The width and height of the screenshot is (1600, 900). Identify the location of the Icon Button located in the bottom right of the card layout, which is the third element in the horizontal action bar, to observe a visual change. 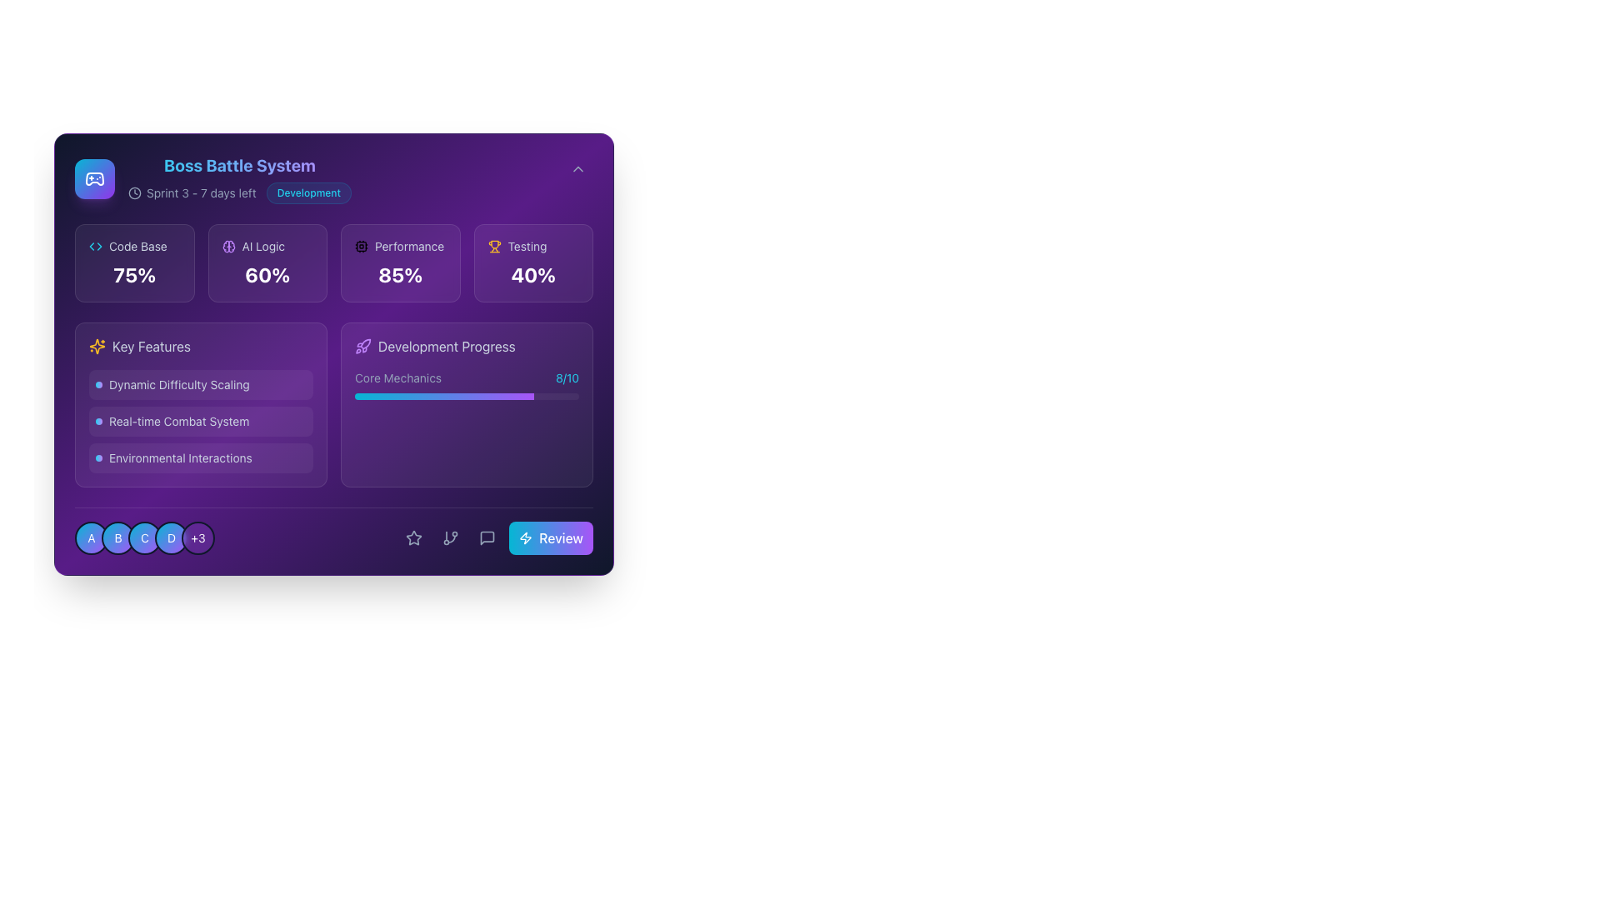
(451, 537).